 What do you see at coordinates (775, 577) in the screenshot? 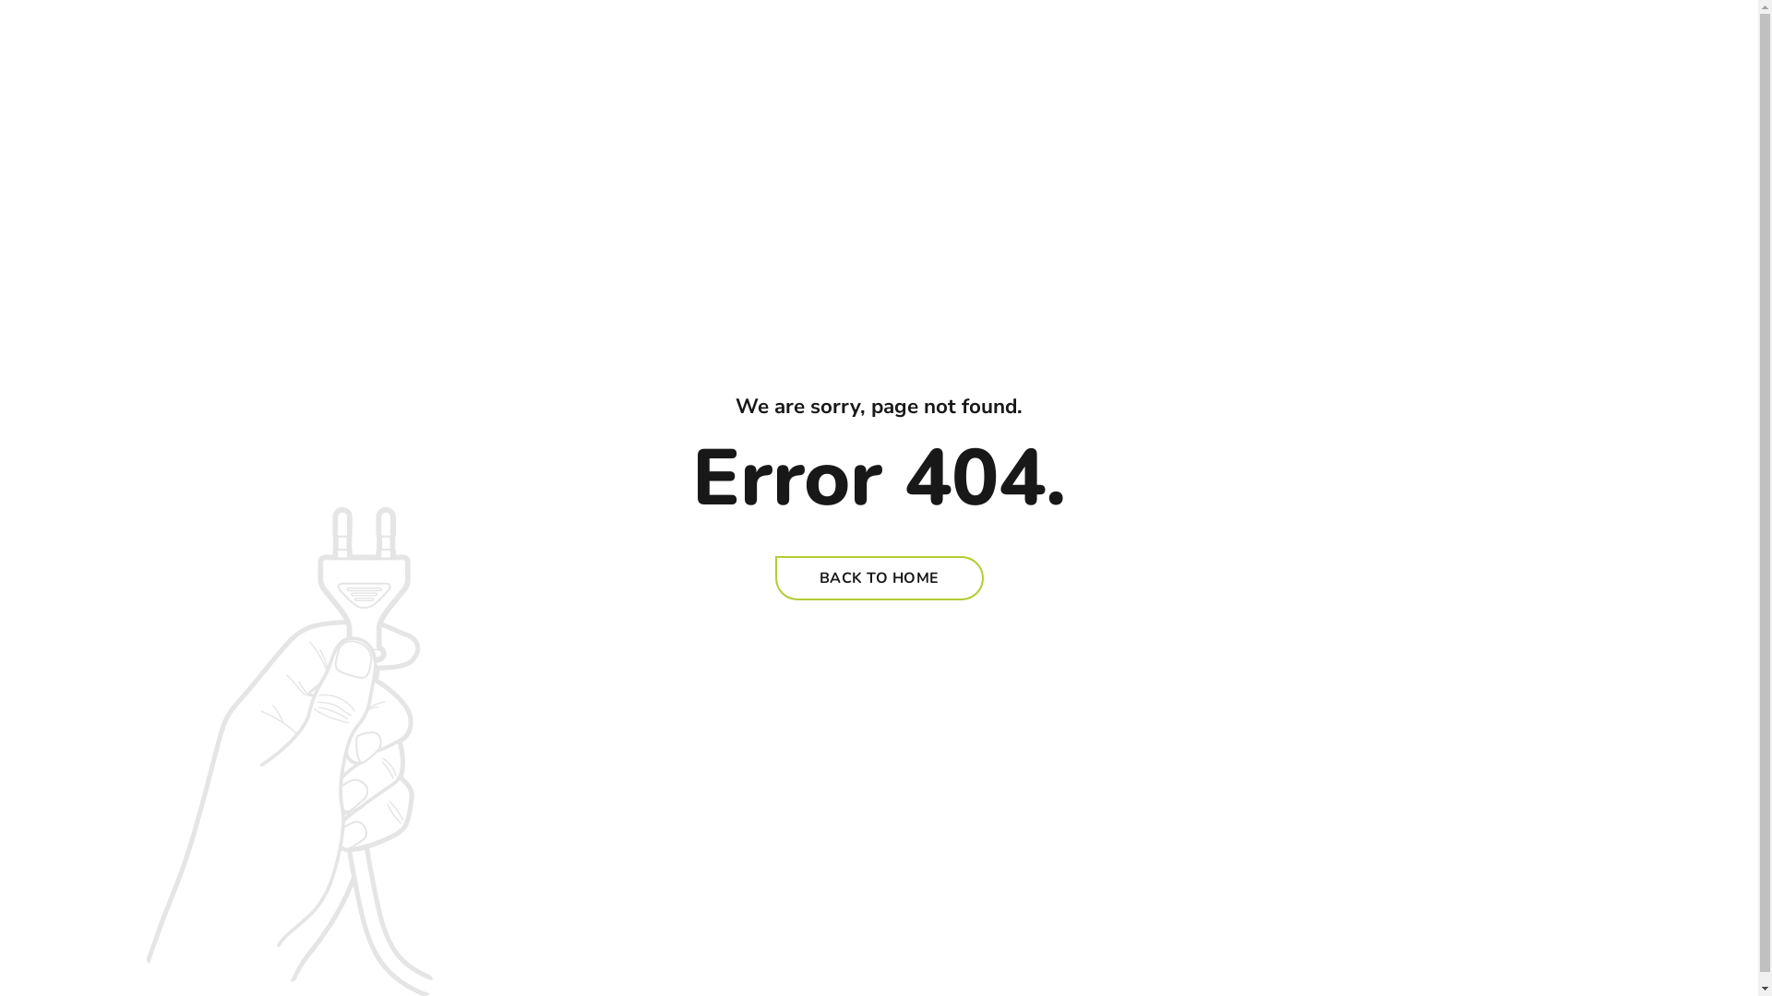
I see `'BACK TO HOME'` at bounding box center [775, 577].